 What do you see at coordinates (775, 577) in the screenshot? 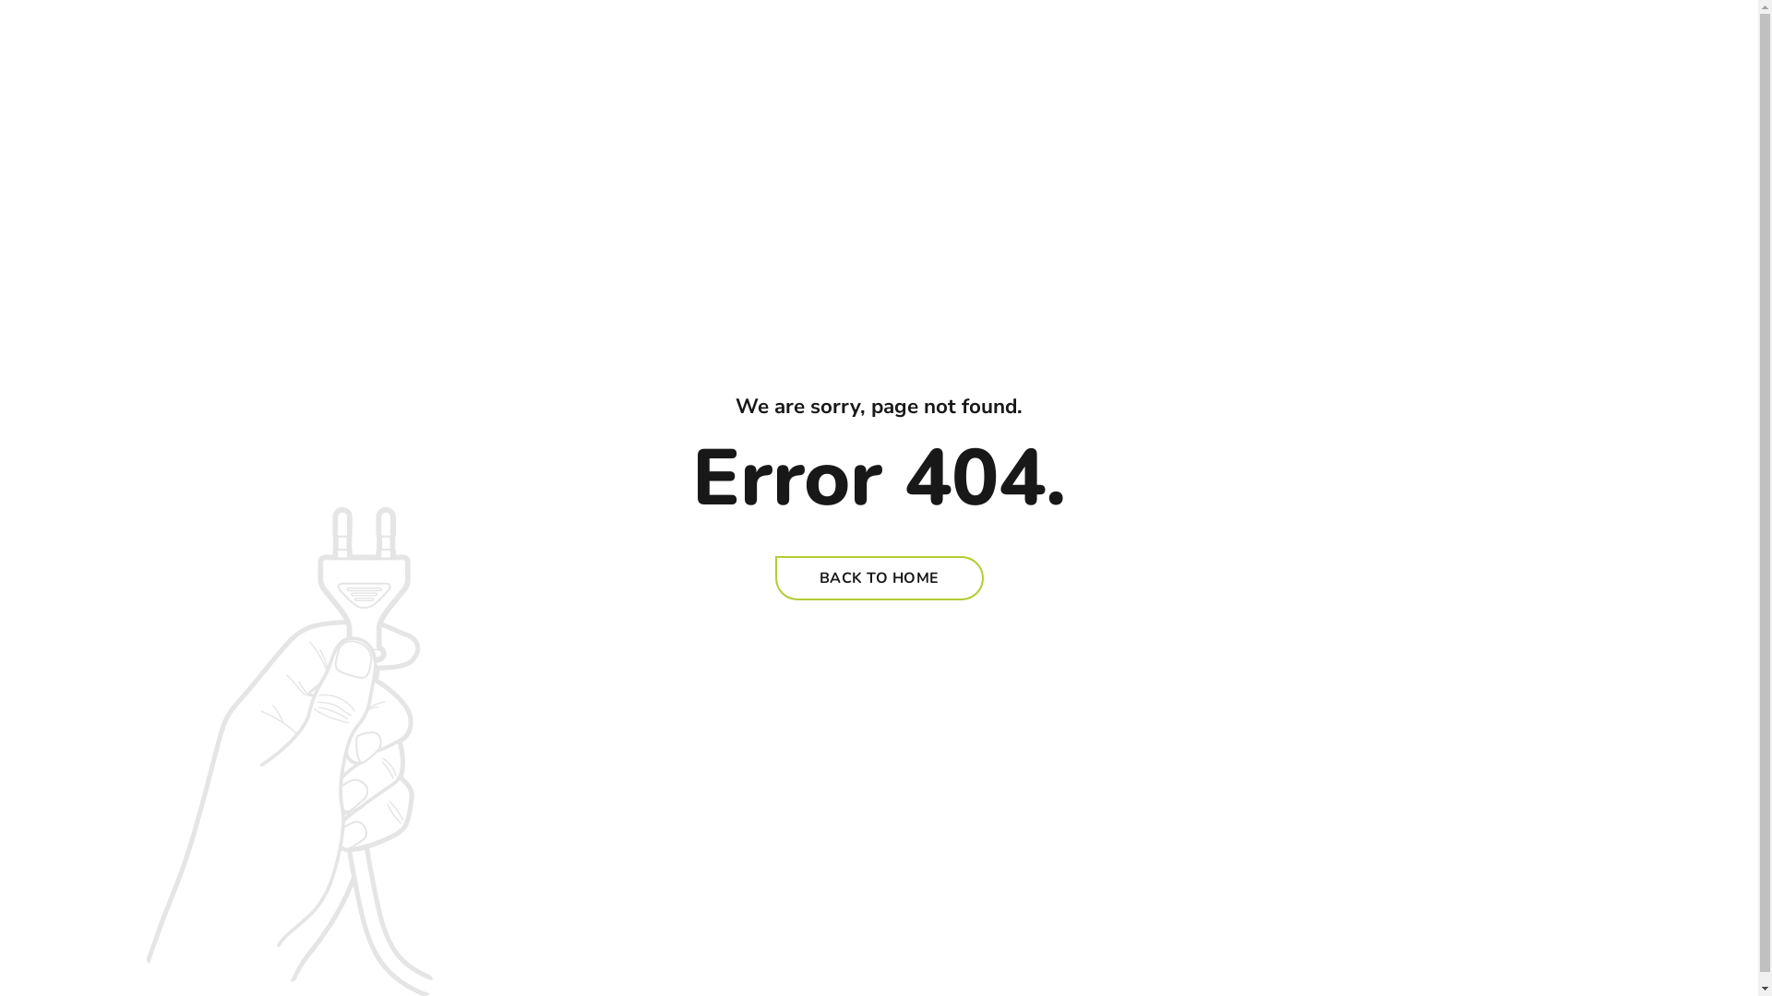
I see `'BACK TO HOME'` at bounding box center [775, 577].